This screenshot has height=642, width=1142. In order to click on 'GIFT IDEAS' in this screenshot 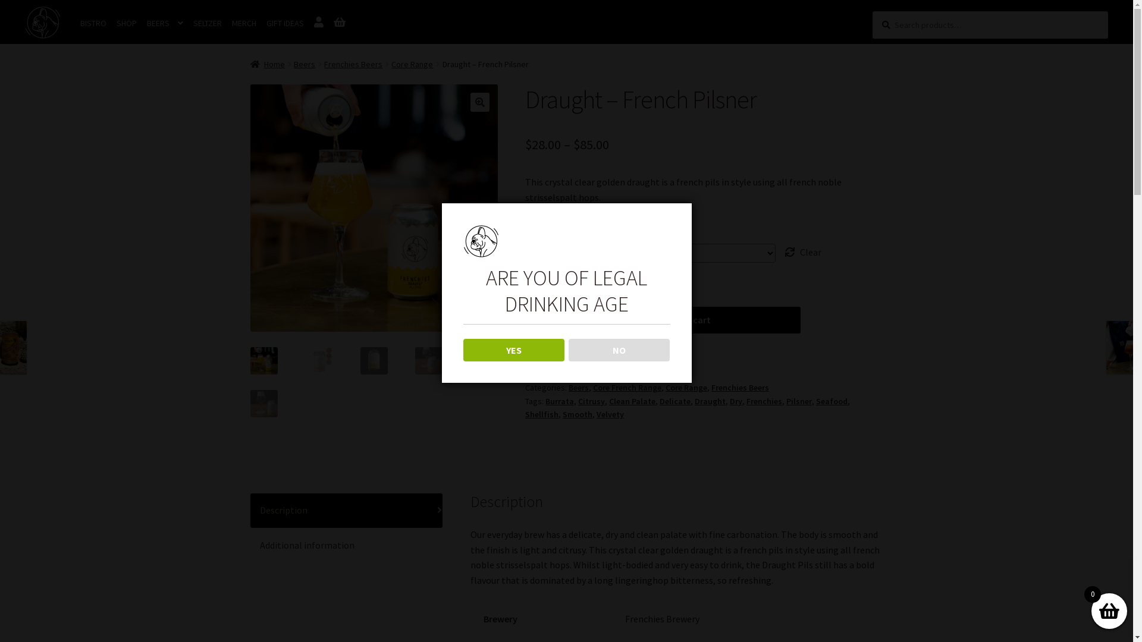, I will do `click(284, 23)`.